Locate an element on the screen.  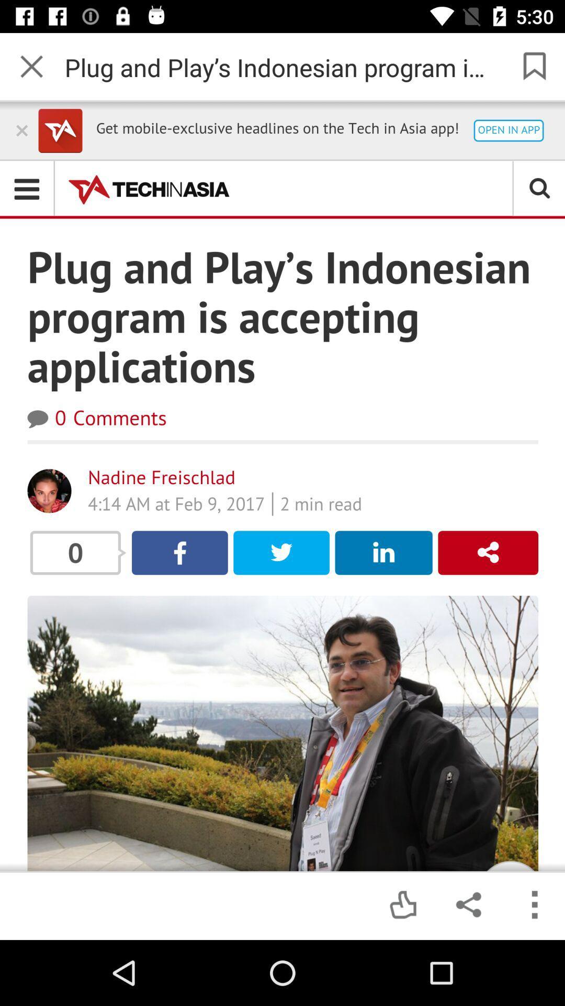
the thumbs_up icon is located at coordinates (402, 905).